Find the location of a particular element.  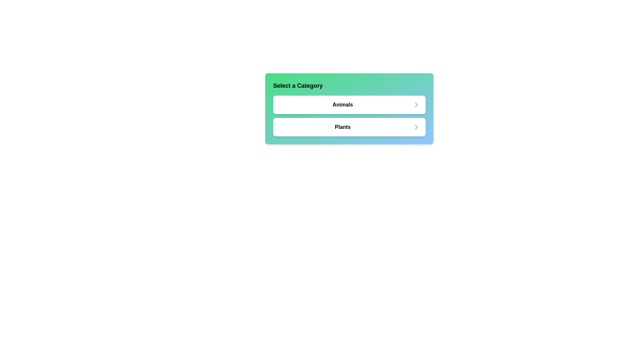

the selectable category label 'Plants' in the second card of the vertical stack, which is below the 'Animals' card is located at coordinates (342, 127).